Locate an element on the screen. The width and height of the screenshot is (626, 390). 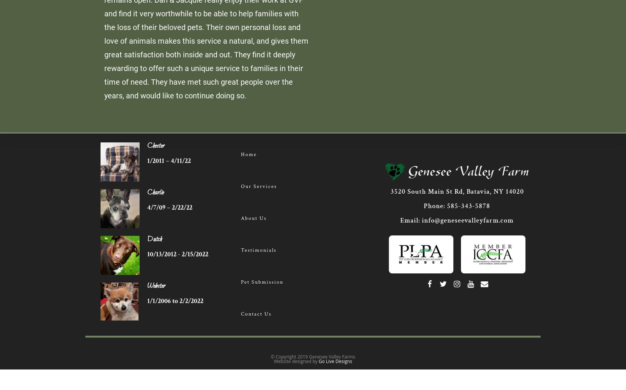
'© Copyright 2019 Genesee Valley Farms' is located at coordinates (312, 357).